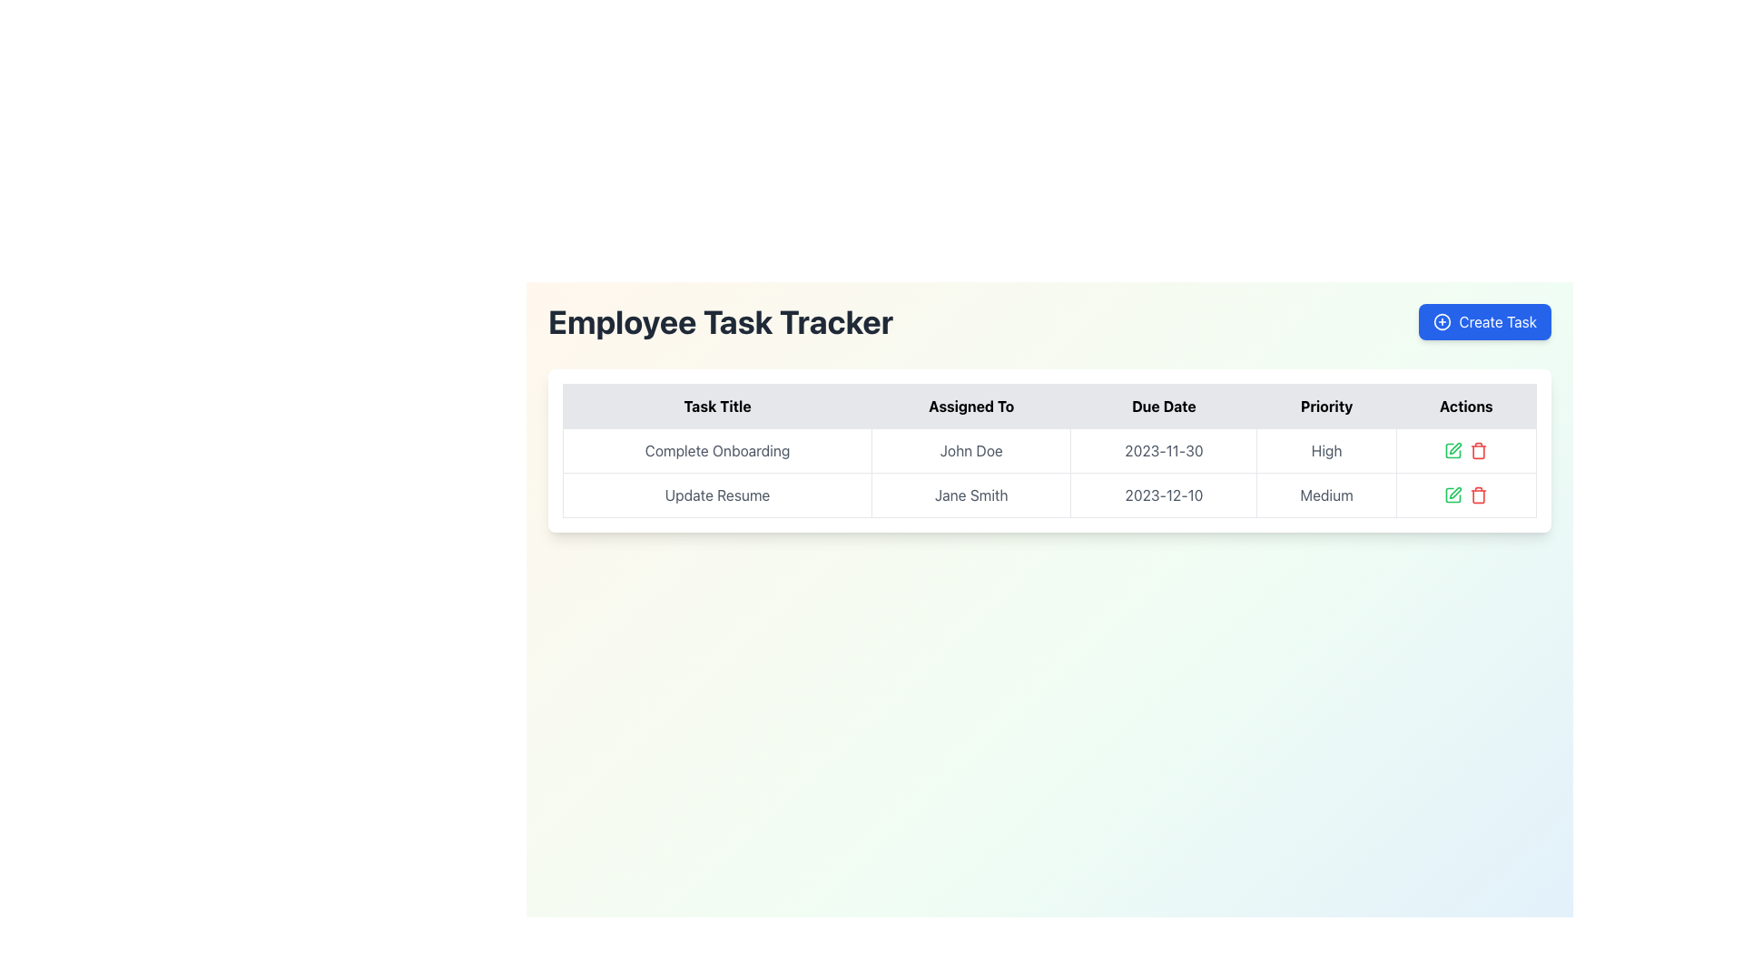 Image resolution: width=1743 pixels, height=980 pixels. I want to click on the trash can icon in the 'Actions' column for the 'Update Resume' task, so click(1479, 496).